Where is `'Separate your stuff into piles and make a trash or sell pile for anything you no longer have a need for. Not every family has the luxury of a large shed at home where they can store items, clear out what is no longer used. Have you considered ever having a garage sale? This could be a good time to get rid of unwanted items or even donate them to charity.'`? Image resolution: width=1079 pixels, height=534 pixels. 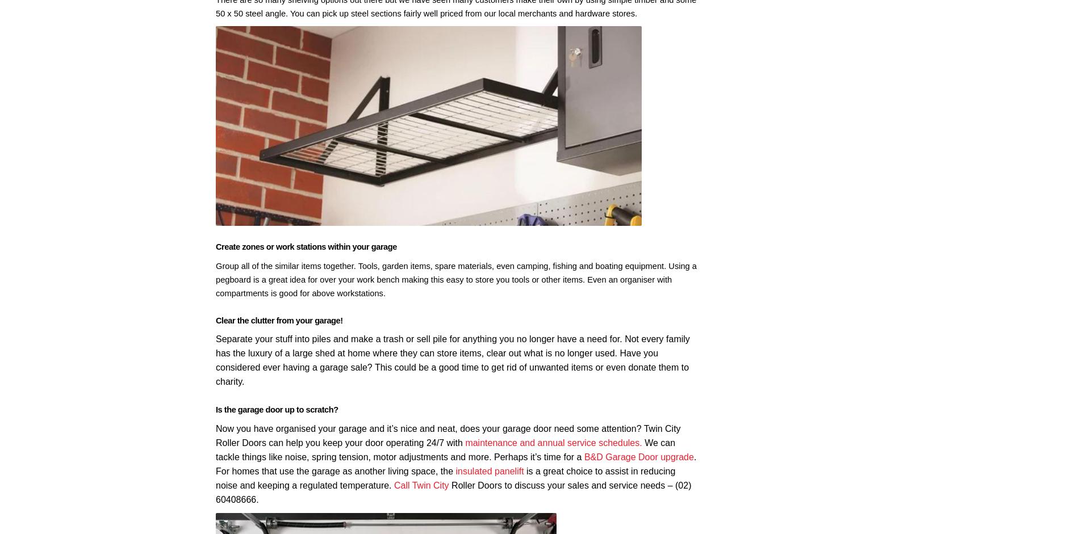
'Separate your stuff into piles and make a trash or sell pile for anything you no longer have a need for. Not every family has the luxury of a large shed at home where they can store items, clear out what is no longer used. Have you considered ever having a garage sale? This could be a good time to get rid of unwanted items or even donate them to charity.' is located at coordinates (452, 360).